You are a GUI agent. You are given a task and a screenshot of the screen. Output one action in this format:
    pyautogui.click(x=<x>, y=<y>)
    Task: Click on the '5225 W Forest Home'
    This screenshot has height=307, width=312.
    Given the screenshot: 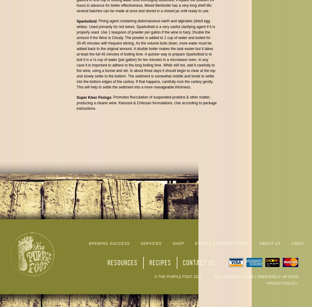 What is the action you would take?
    pyautogui.click(x=233, y=277)
    